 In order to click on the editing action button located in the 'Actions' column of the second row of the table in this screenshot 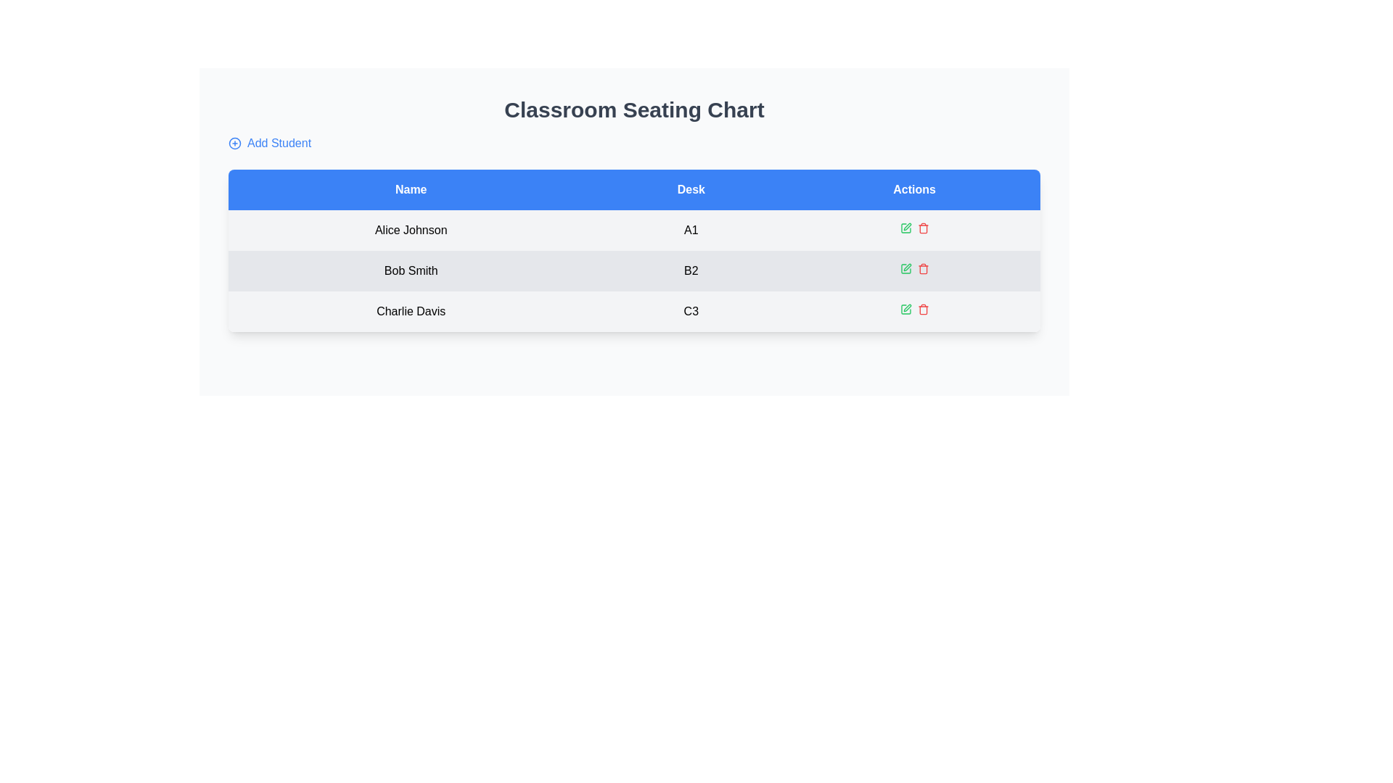, I will do `click(905, 268)`.